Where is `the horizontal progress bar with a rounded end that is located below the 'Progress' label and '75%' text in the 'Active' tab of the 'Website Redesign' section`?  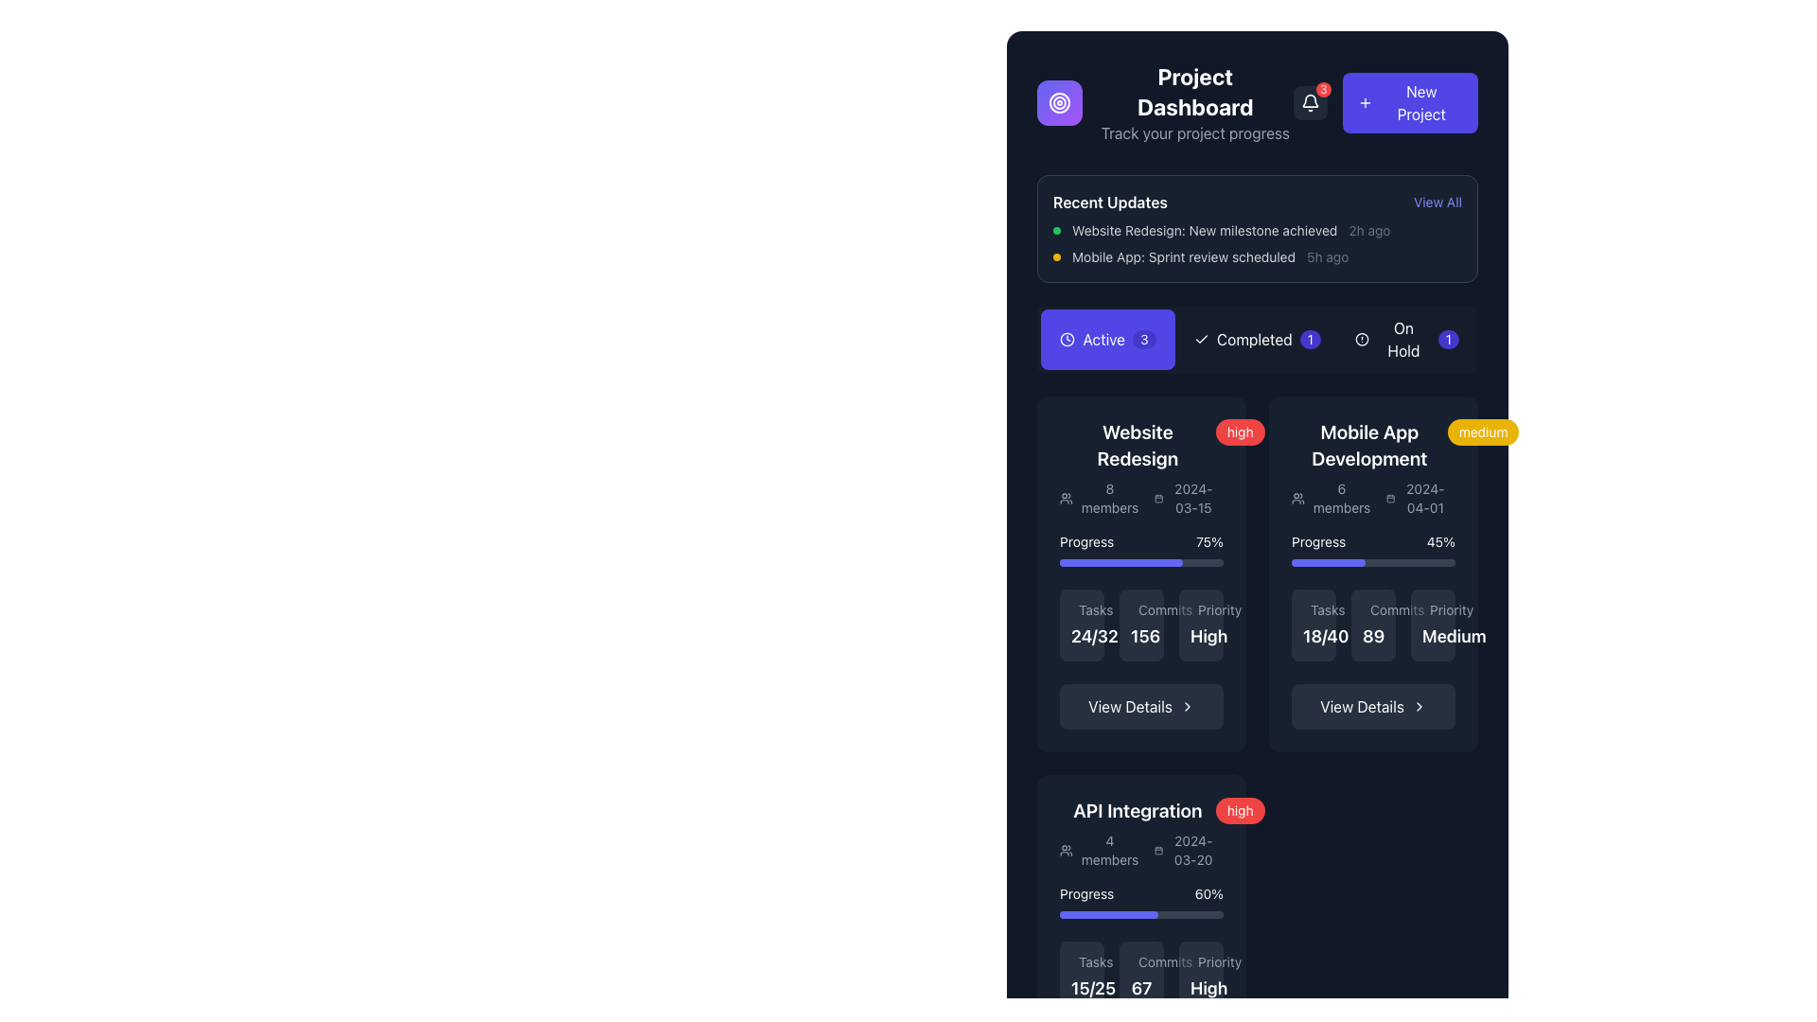 the horizontal progress bar with a rounded end that is located below the 'Progress' label and '75%' text in the 'Active' tab of the 'Website Redesign' section is located at coordinates (1140, 561).